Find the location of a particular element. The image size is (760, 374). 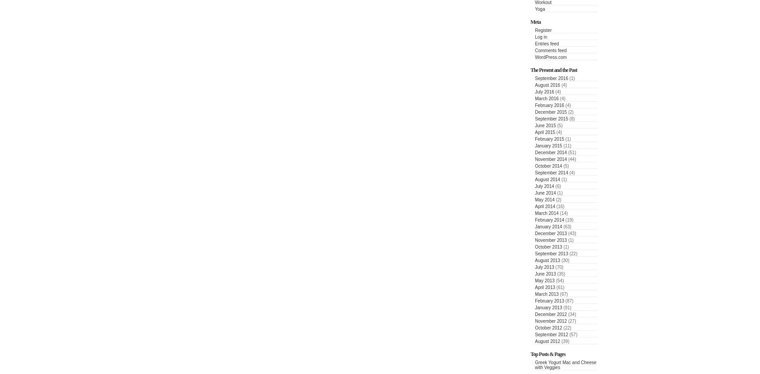

'December 2012' is located at coordinates (551, 314).